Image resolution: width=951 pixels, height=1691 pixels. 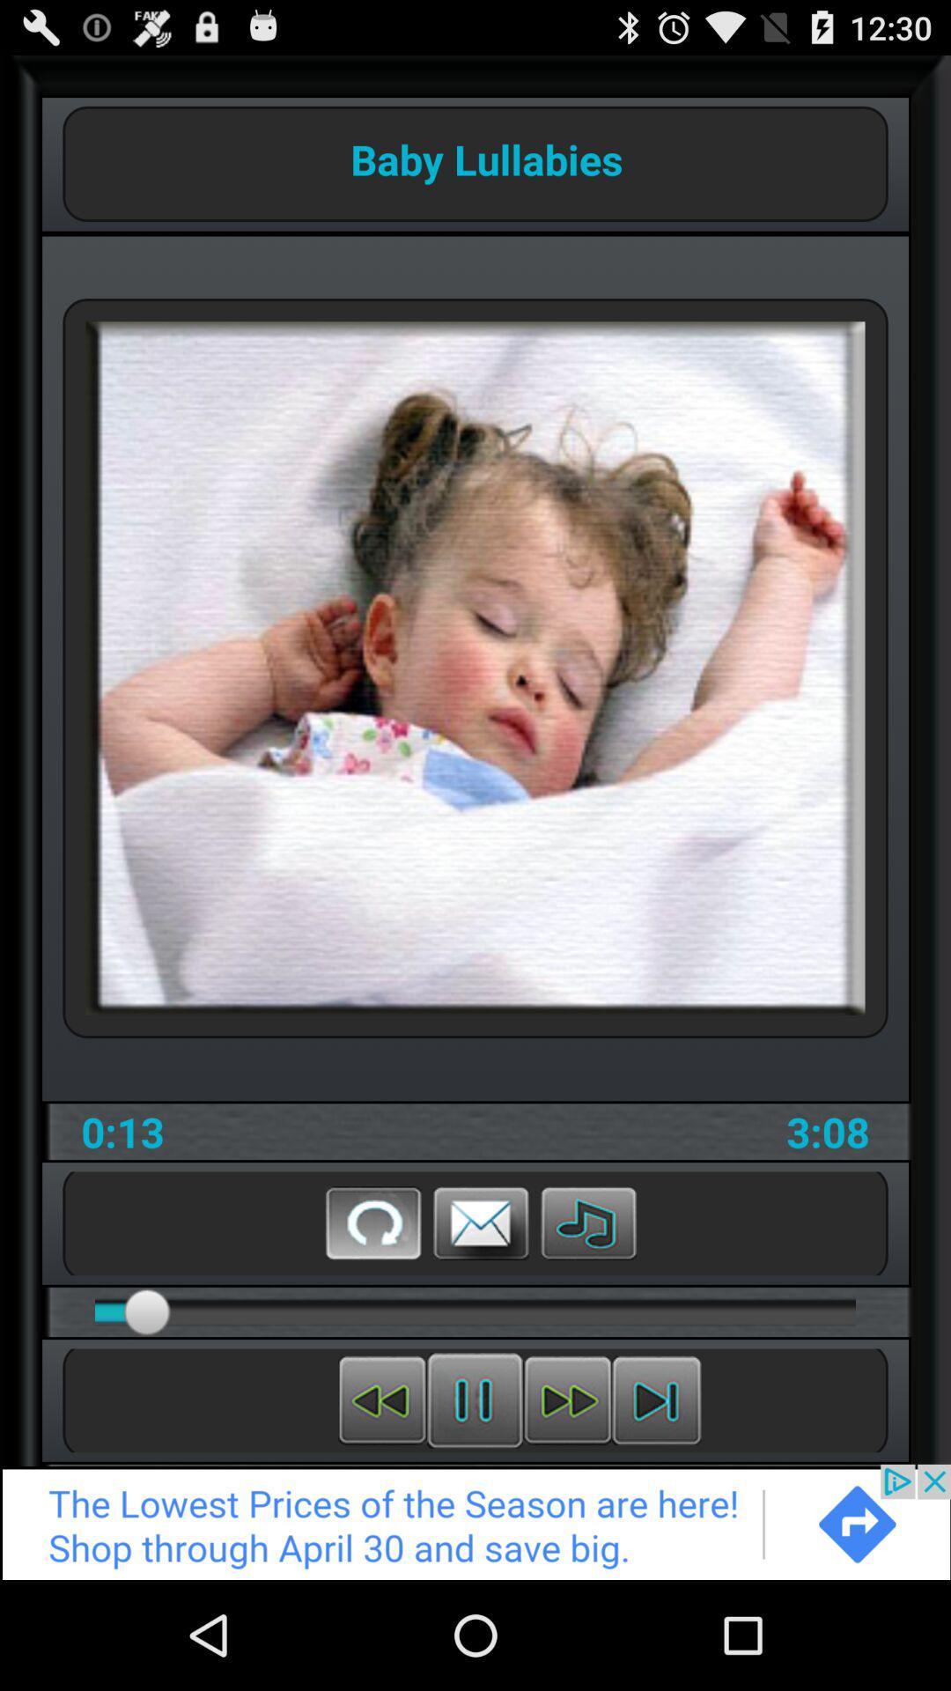 What do you see at coordinates (656, 1399) in the screenshot?
I see `next song` at bounding box center [656, 1399].